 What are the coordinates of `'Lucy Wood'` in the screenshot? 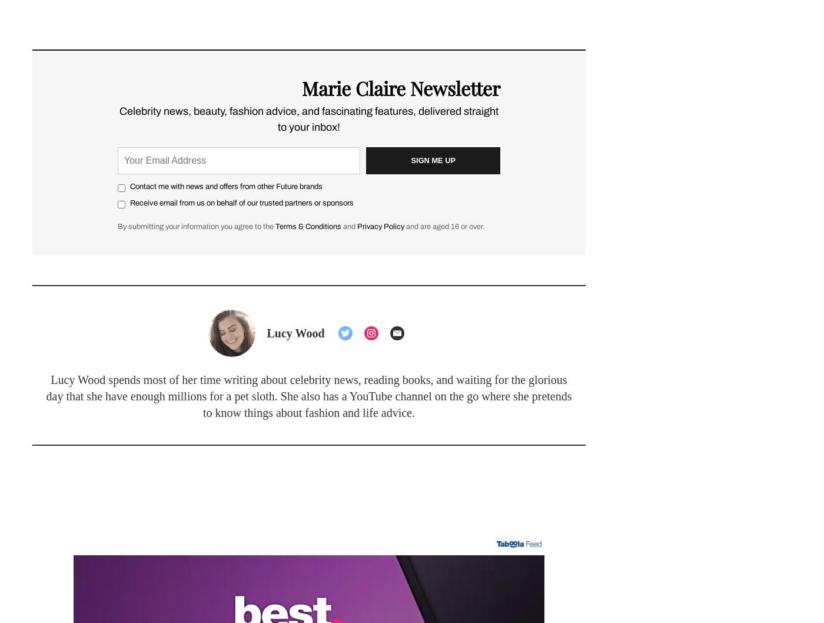 It's located at (267, 332).